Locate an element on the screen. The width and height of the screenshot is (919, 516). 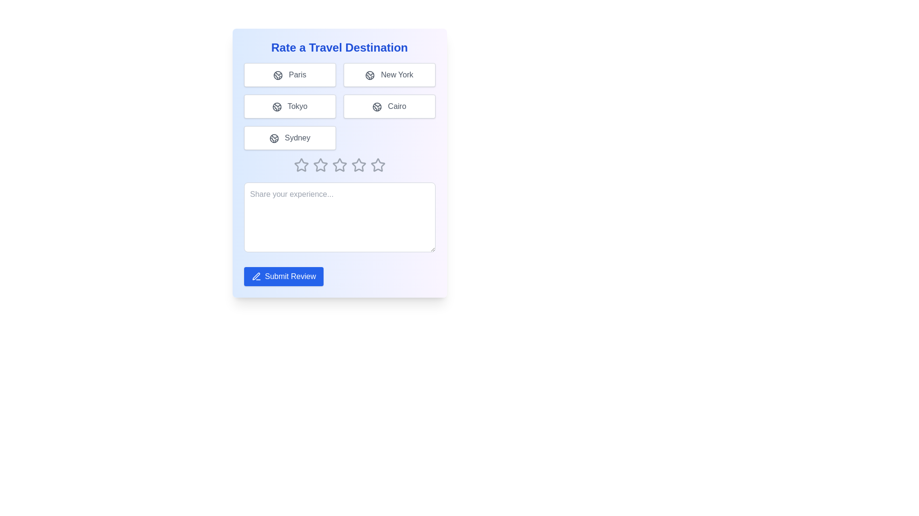
the third star-shaped Rating Icon is located at coordinates (339, 164).